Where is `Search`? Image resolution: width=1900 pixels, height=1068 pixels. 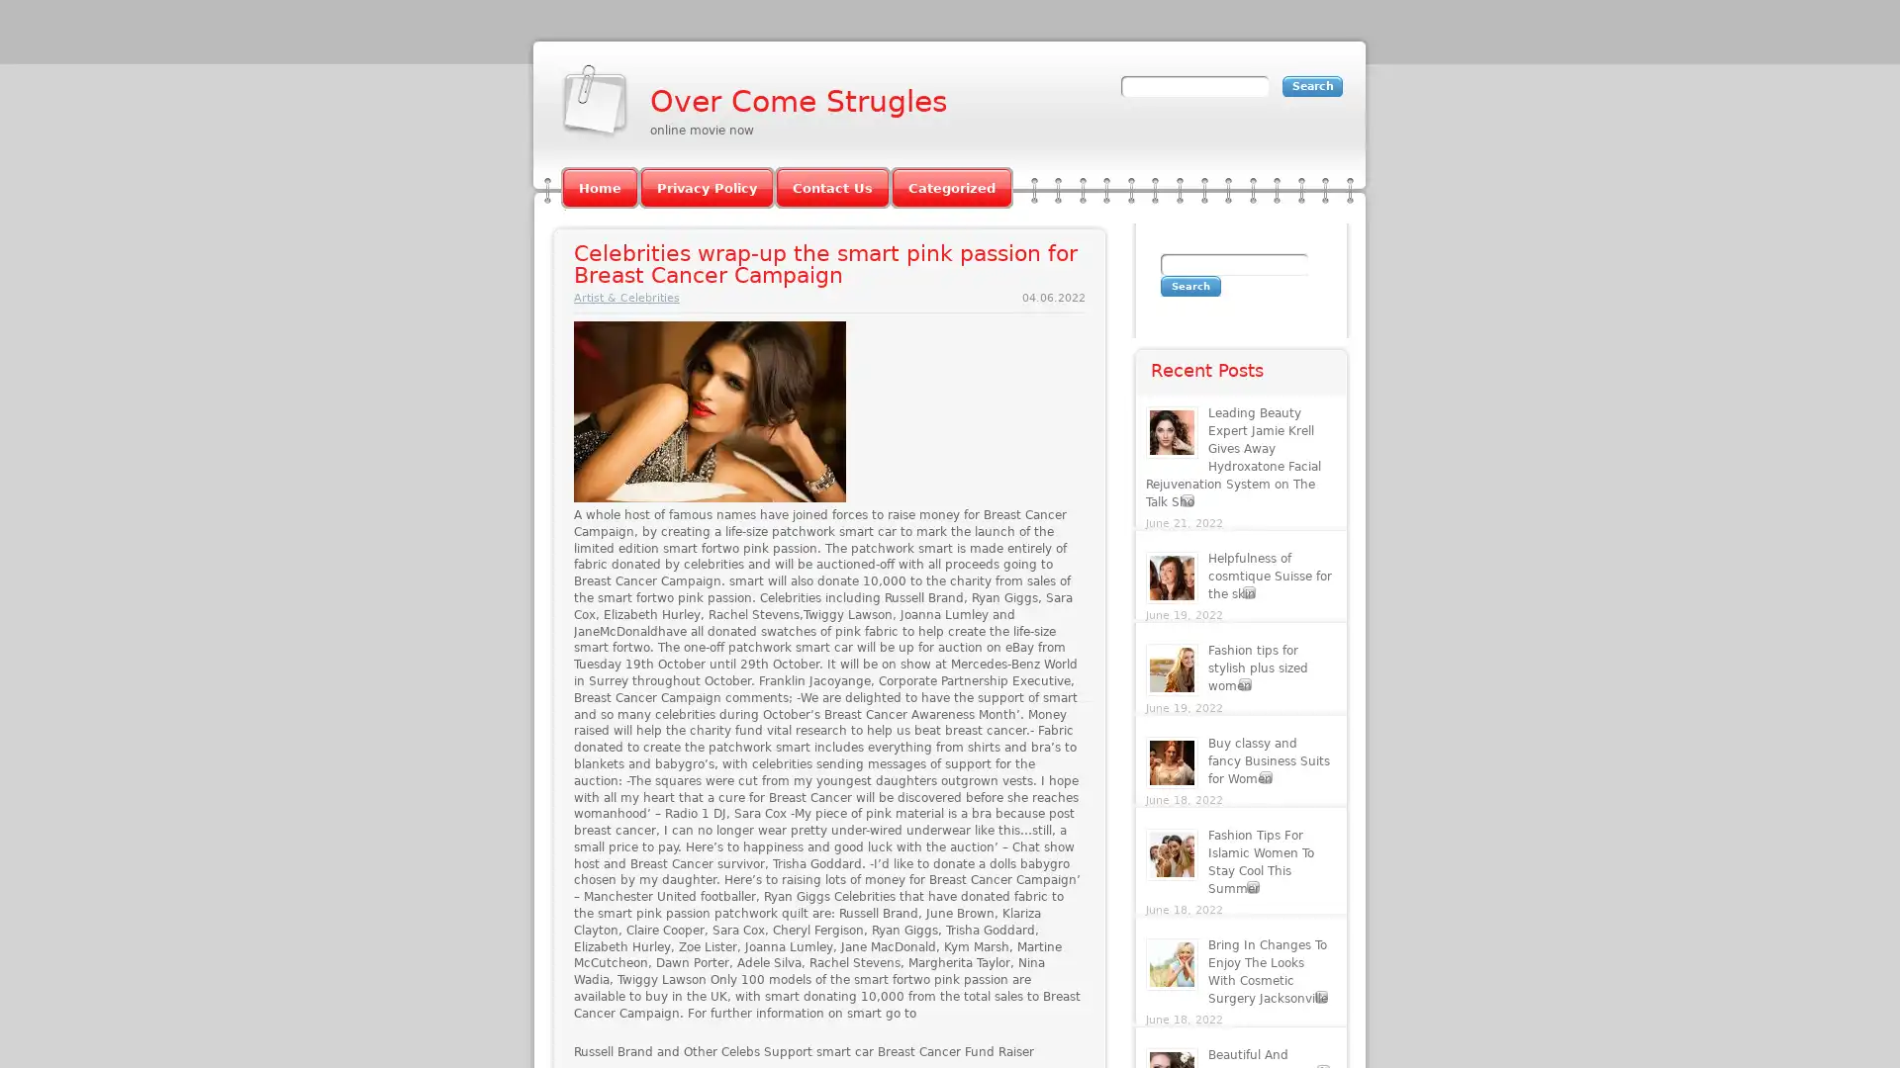
Search is located at coordinates (1189, 286).